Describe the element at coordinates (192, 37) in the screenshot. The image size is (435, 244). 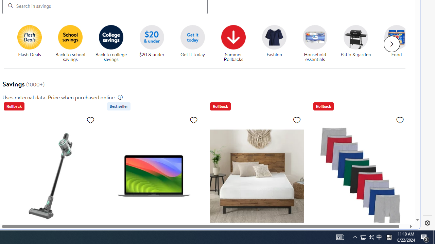
I see `'Get it today'` at that location.